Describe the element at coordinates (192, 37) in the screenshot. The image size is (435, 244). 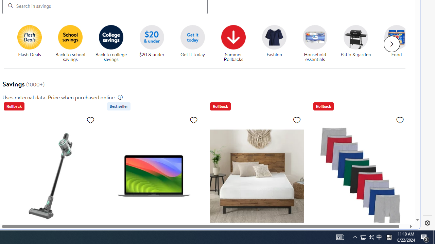
I see `'Get it today'` at that location.